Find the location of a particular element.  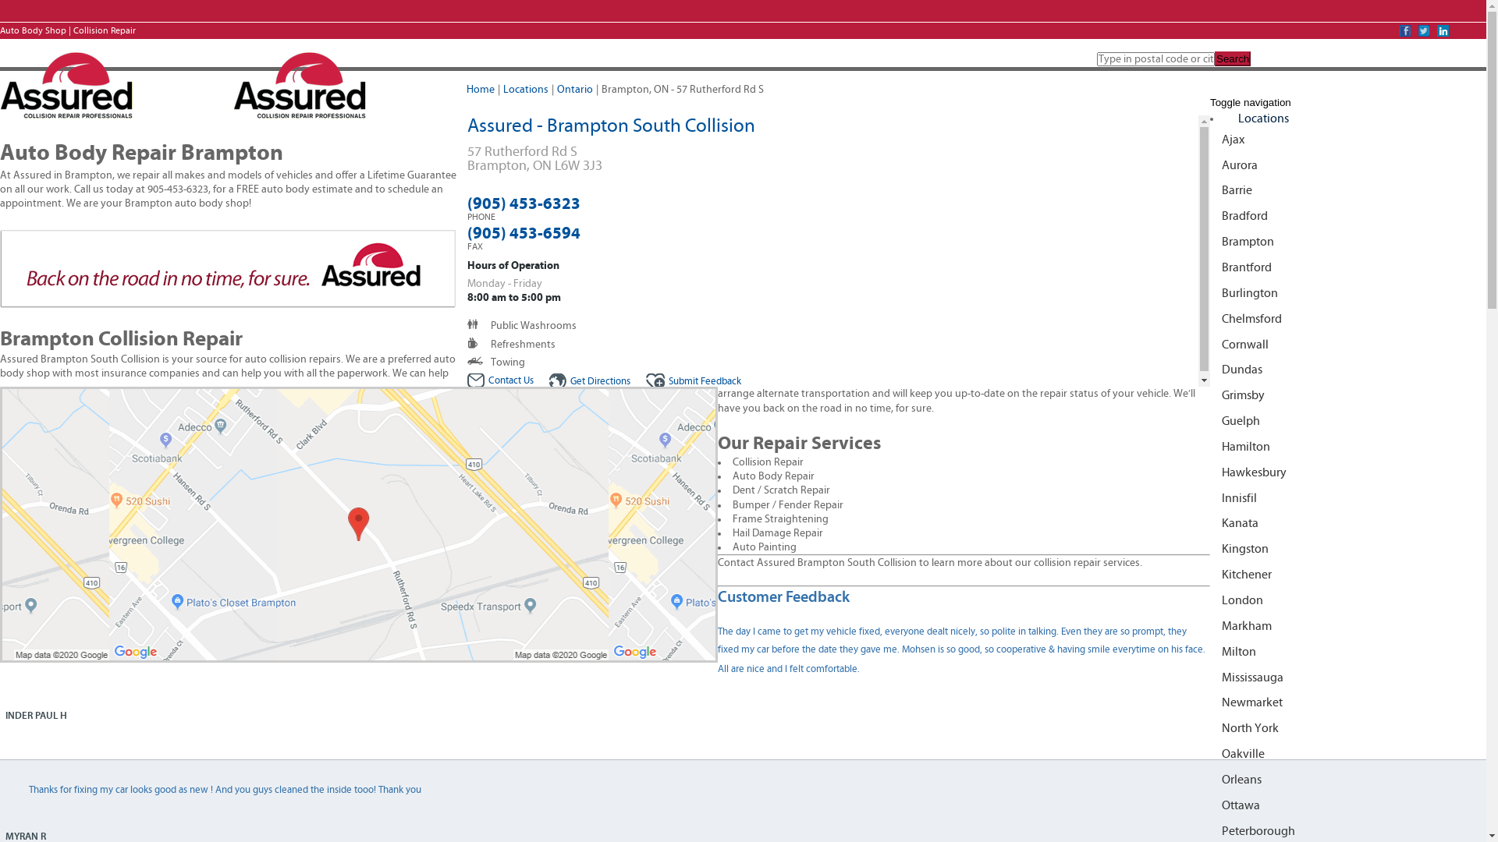

'Oakville' is located at coordinates (1209, 753).